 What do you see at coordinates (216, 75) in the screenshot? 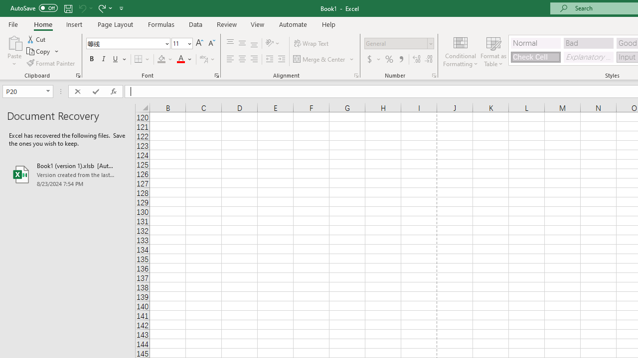
I see `'Format Cell Font'` at bounding box center [216, 75].